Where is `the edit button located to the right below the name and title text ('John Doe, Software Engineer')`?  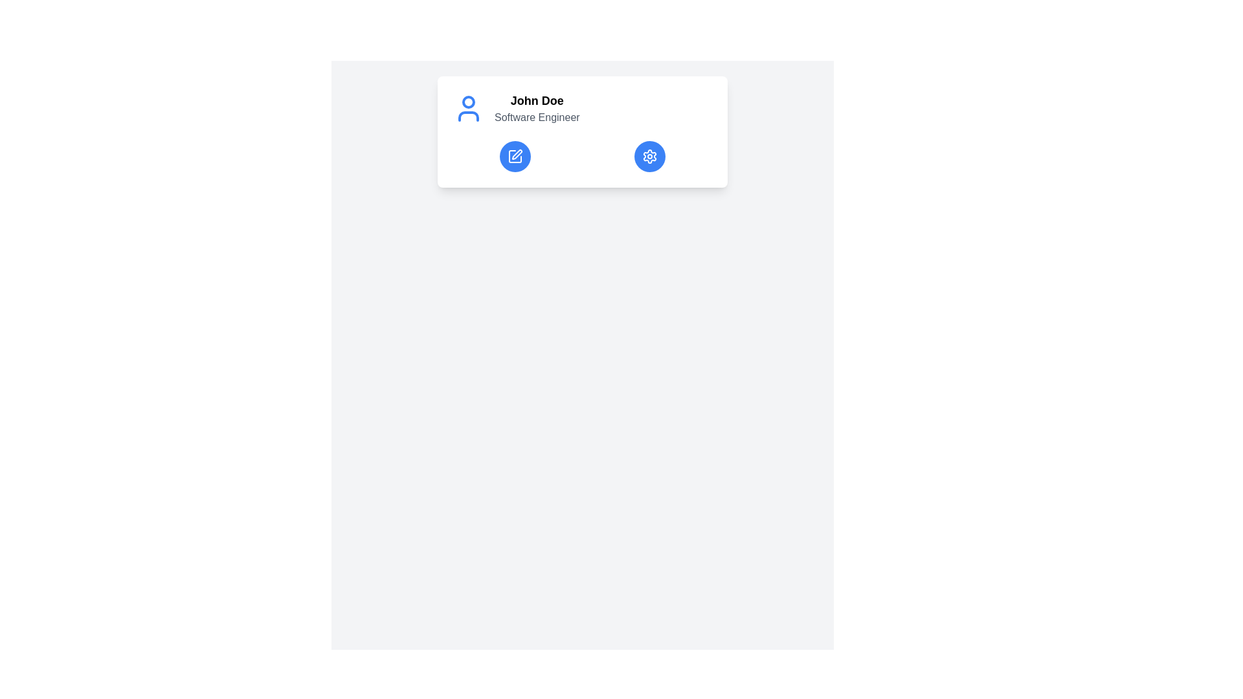
the edit button located to the right below the name and title text ('John Doe, Software Engineer') is located at coordinates (515, 156).